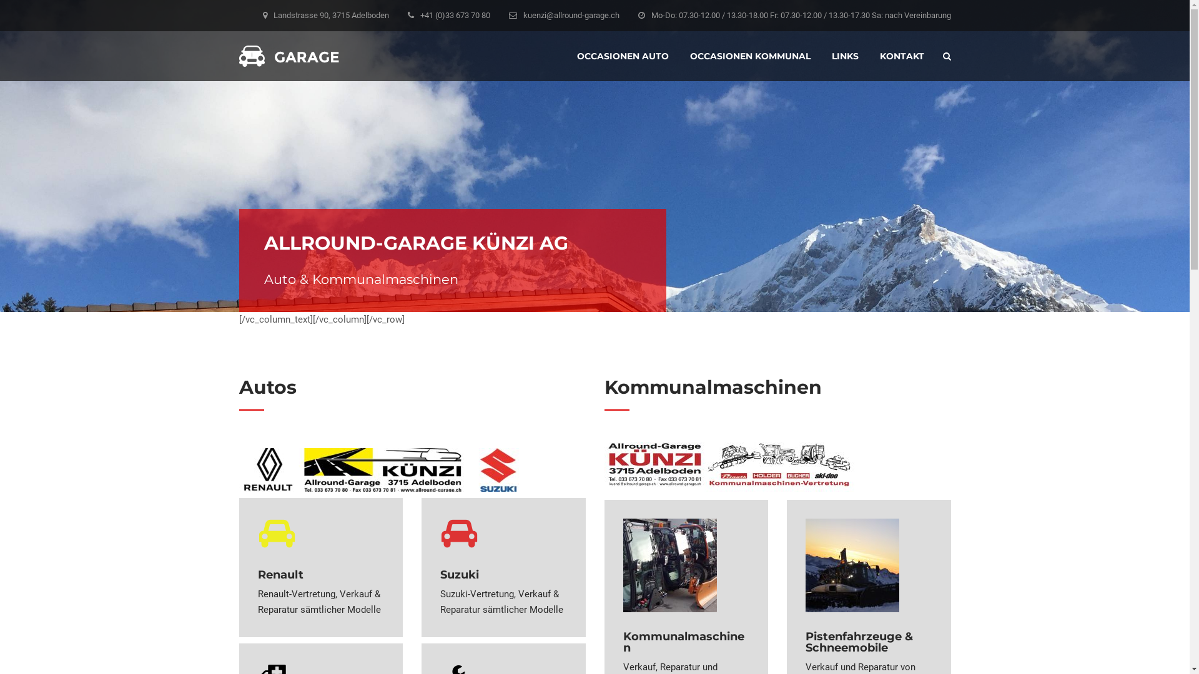  Describe the element at coordinates (576, 55) in the screenshot. I see `'OCCASIONEN AUTO'` at that location.